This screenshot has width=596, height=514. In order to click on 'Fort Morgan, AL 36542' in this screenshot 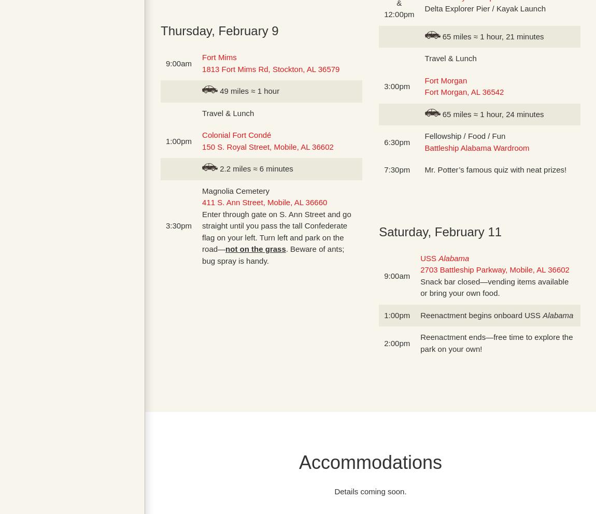, I will do `click(464, 91)`.